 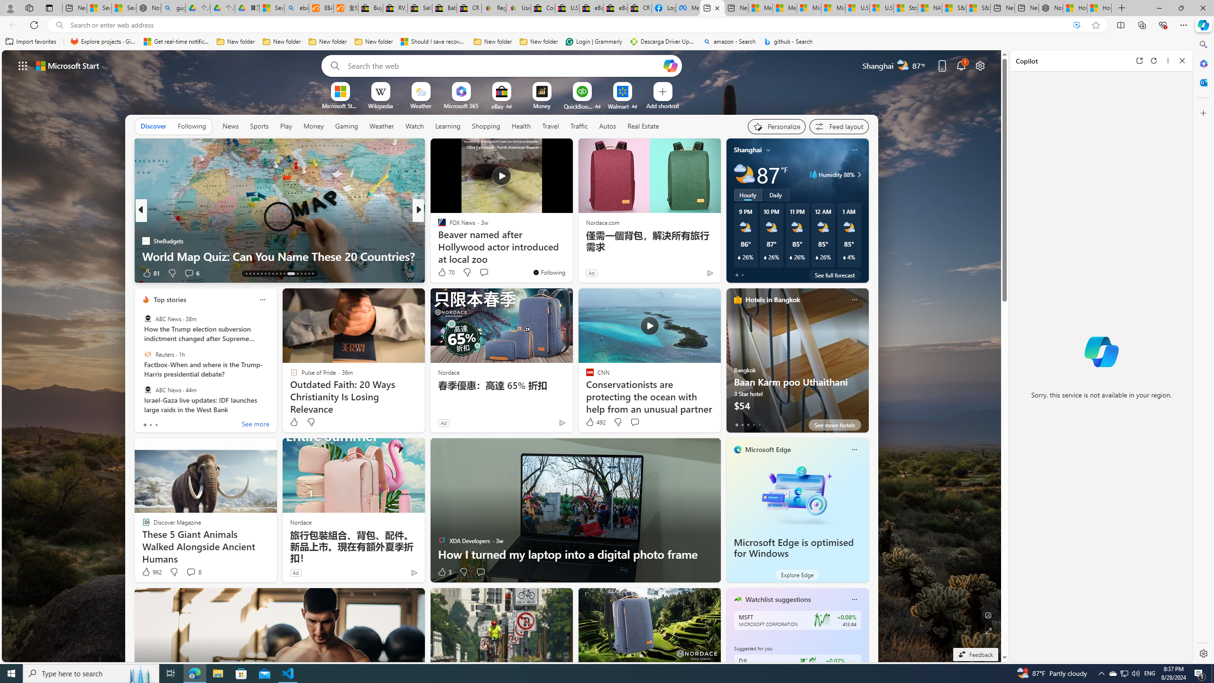 What do you see at coordinates (747, 149) in the screenshot?
I see `'Shanghai'` at bounding box center [747, 149].